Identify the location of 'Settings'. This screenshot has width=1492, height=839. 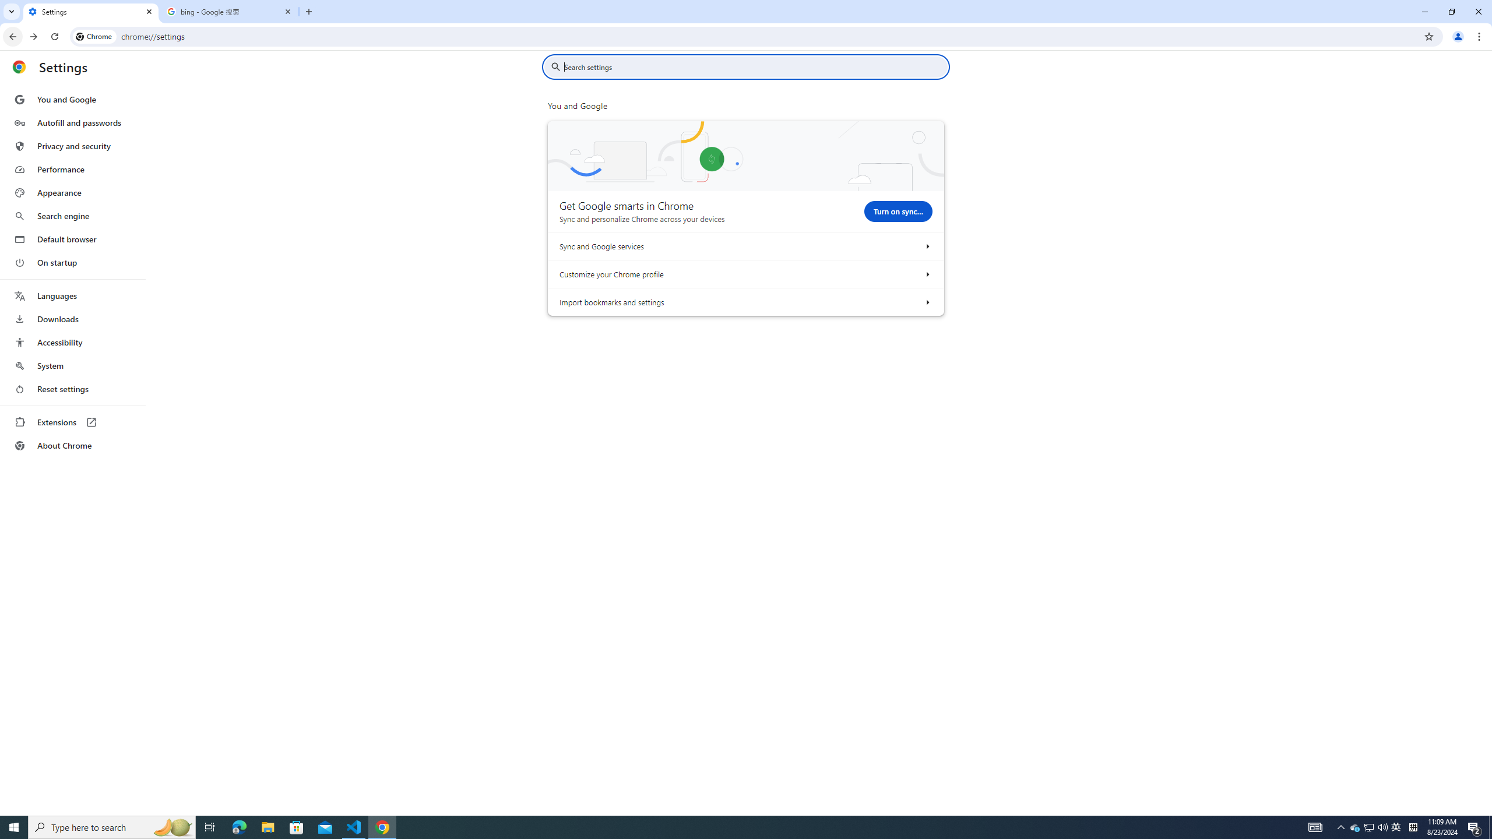
(90, 11).